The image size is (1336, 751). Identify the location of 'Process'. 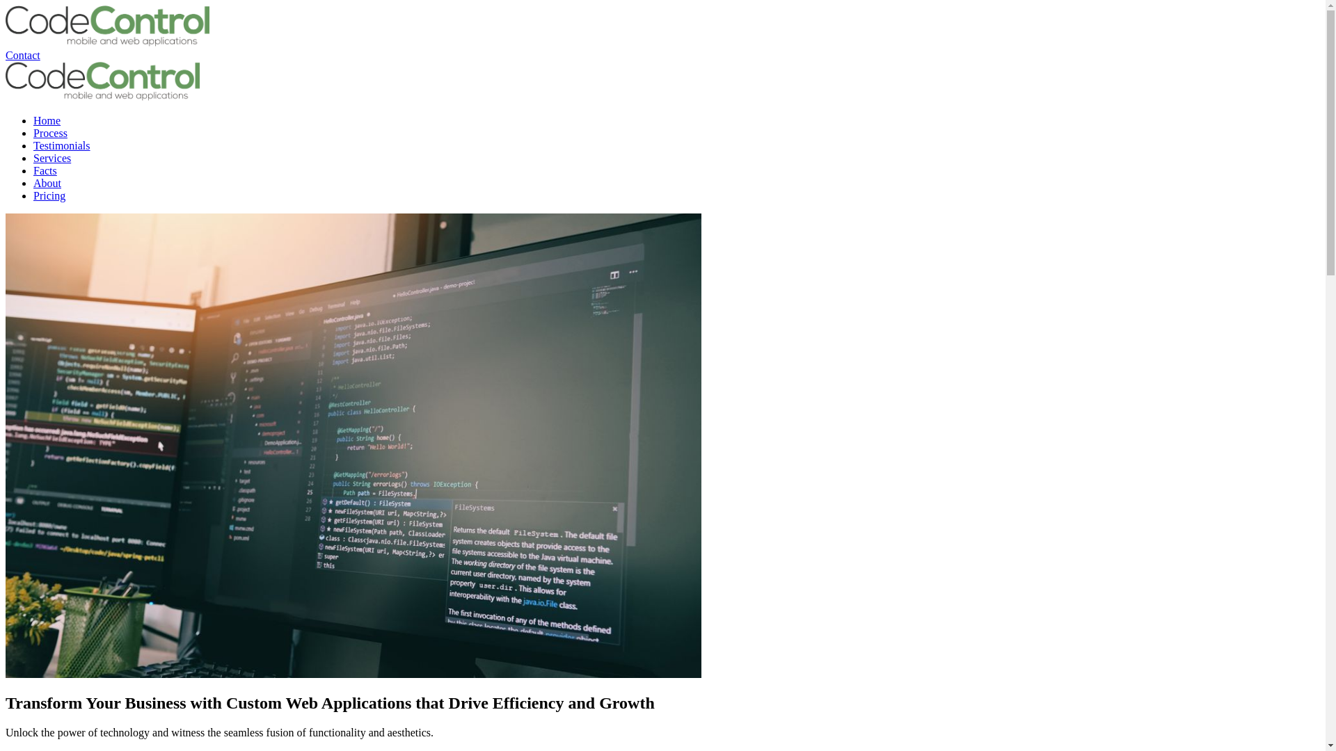
(50, 133).